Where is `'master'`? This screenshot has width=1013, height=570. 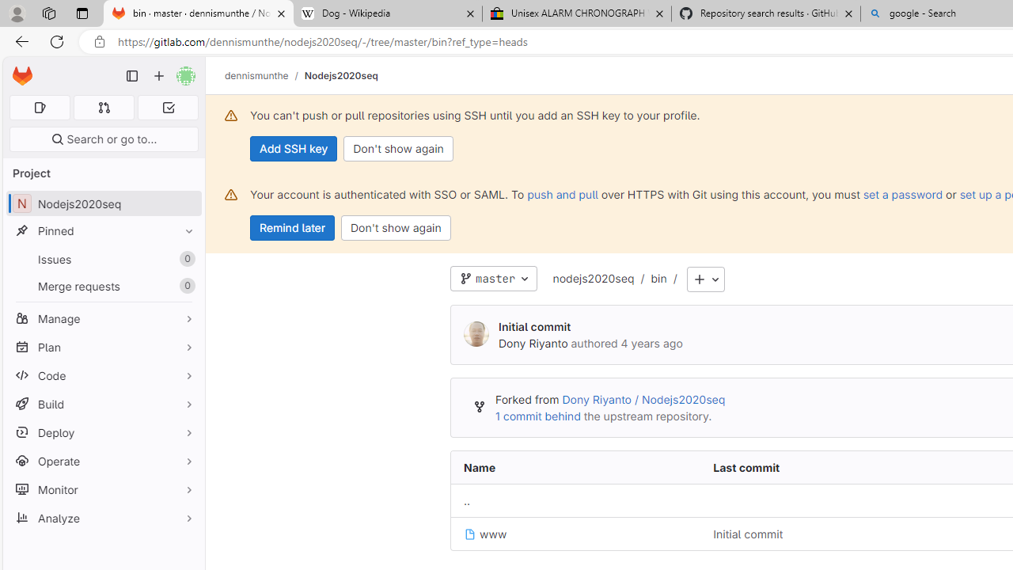
'master' is located at coordinates (493, 278).